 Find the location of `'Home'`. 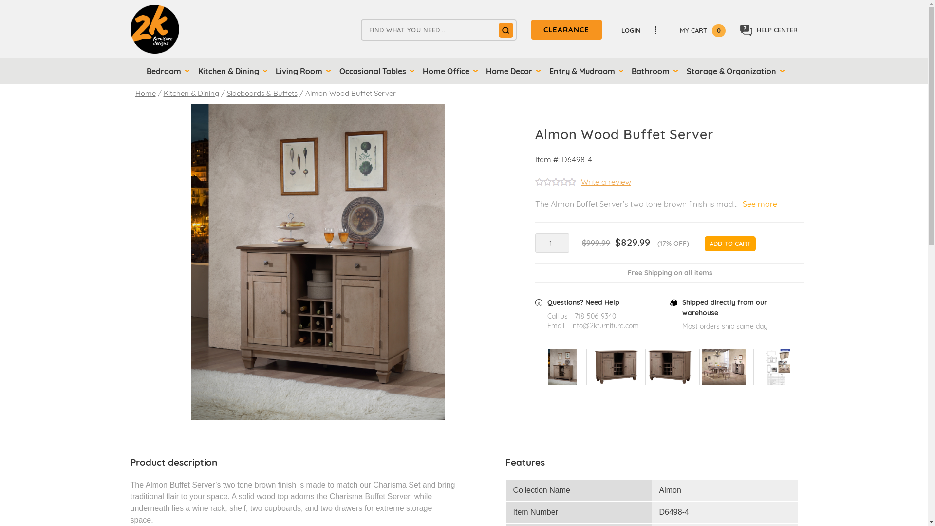

'Home' is located at coordinates (145, 93).